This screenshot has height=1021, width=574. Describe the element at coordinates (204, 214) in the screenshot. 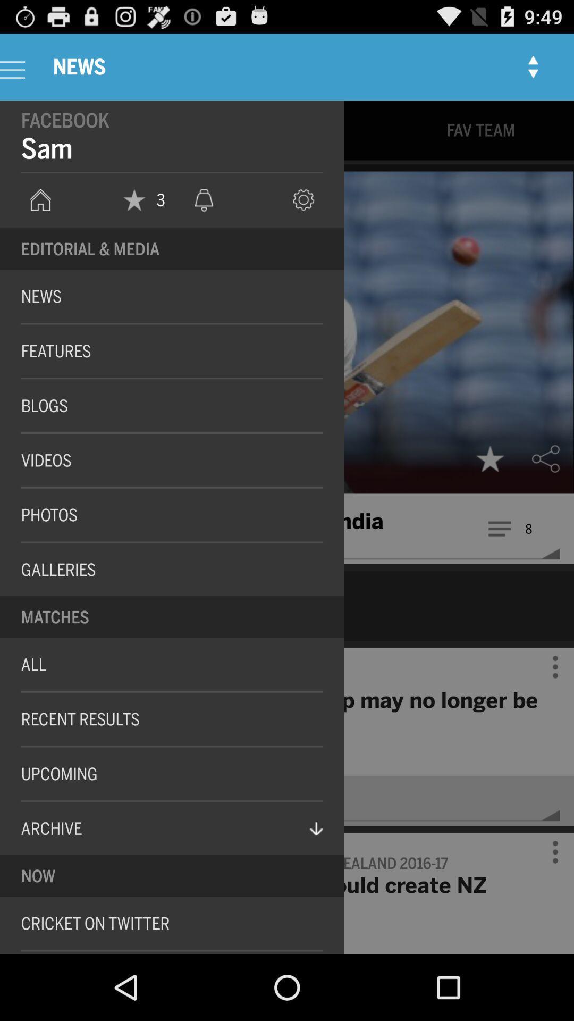

I see `the notifications icon` at that location.